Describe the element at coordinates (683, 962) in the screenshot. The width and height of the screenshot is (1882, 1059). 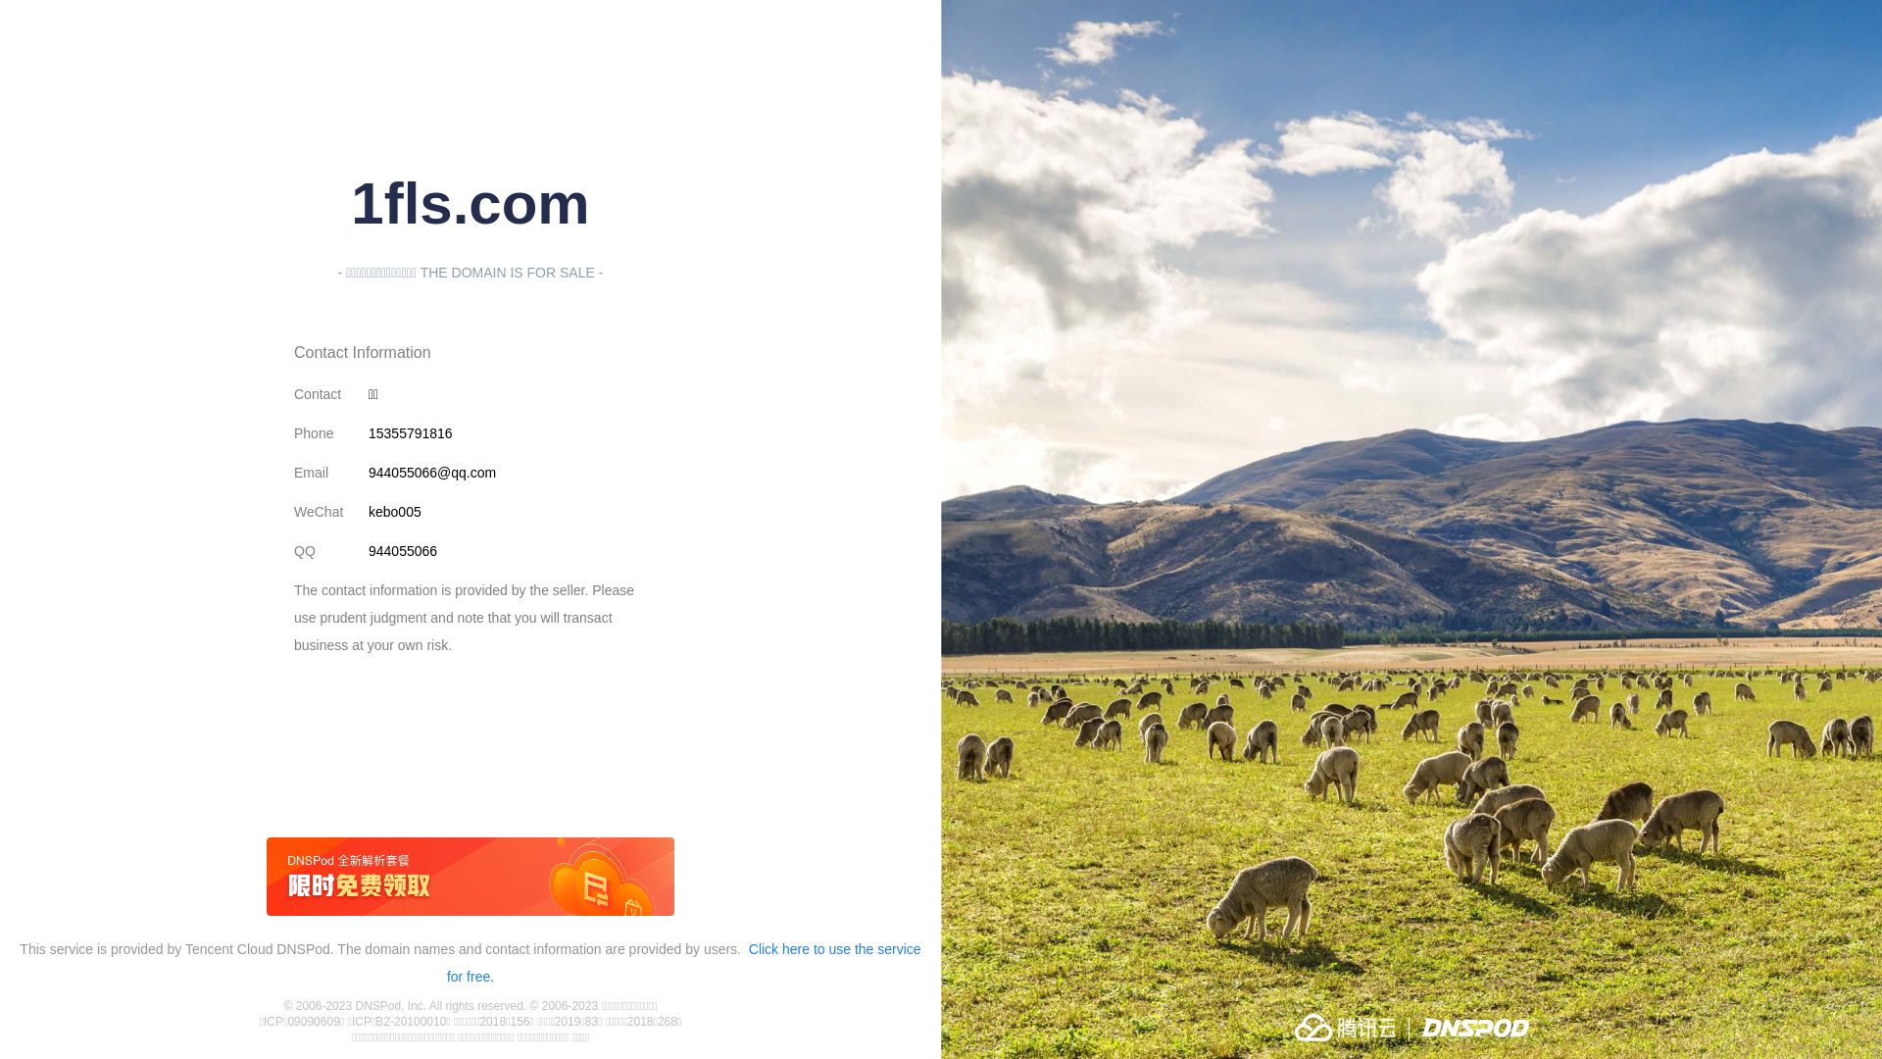
I see `'Click here to use the service for free.'` at that location.